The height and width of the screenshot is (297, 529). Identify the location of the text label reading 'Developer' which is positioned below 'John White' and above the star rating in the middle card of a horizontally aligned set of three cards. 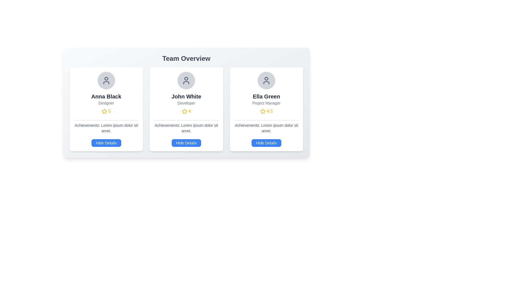
(186, 103).